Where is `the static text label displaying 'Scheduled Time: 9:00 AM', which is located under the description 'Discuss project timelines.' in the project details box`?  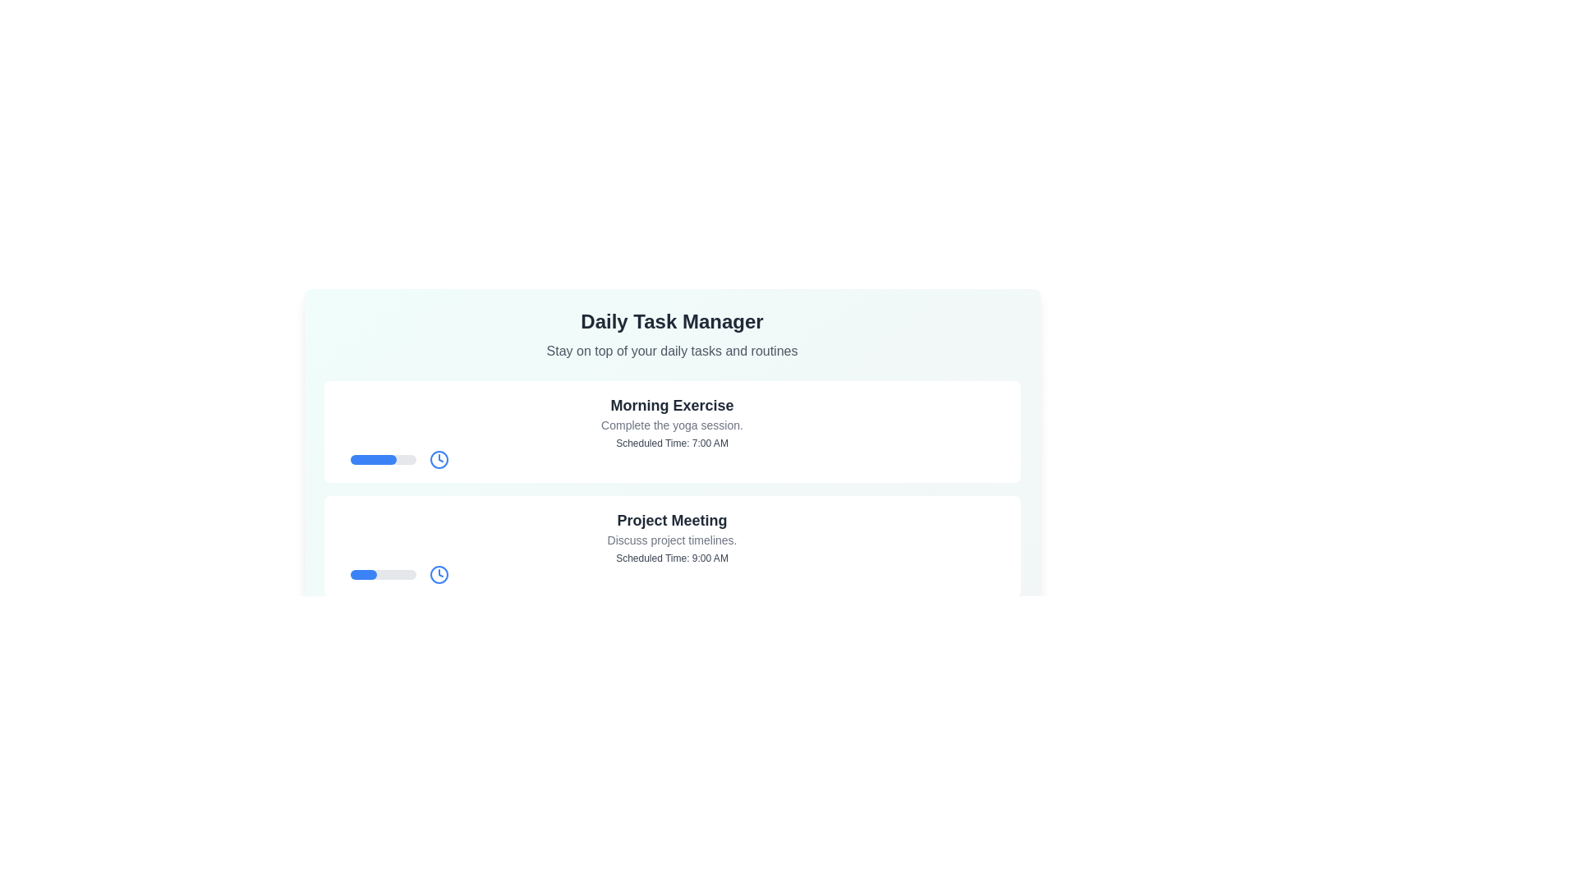
the static text label displaying 'Scheduled Time: 9:00 AM', which is located under the description 'Discuss project timelines.' in the project details box is located at coordinates (672, 557).